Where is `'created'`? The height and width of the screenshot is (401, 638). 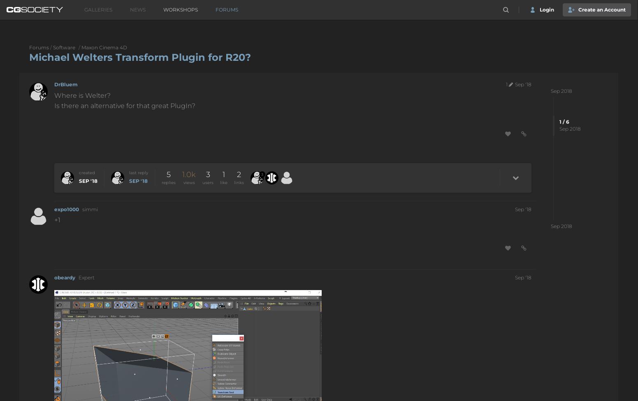 'created' is located at coordinates (86, 172).